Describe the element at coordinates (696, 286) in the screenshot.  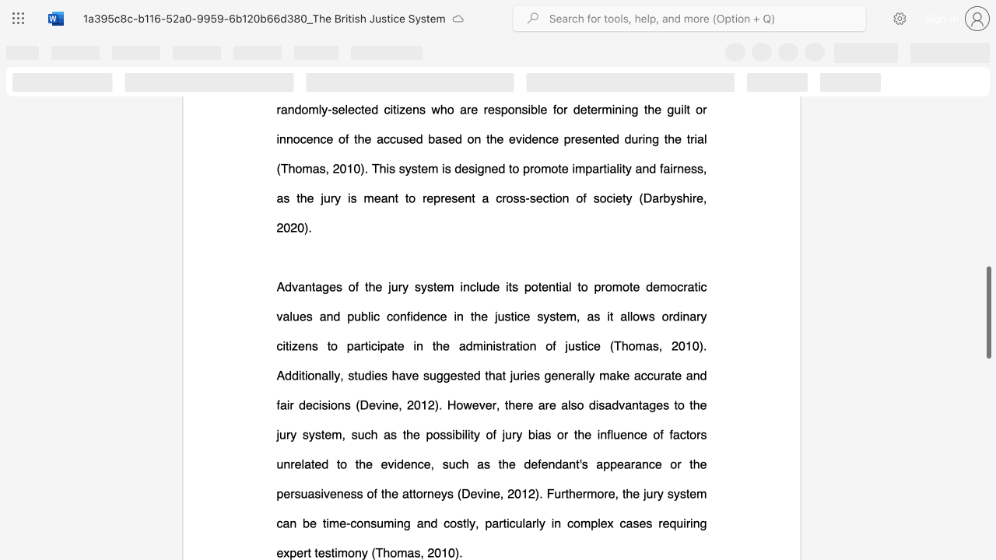
I see `the subset text "ic values and public confidence in the justice system, as it allows ordinary citizens to participate in the administration of justice (Thomas, 2010). Additionally, studies have suggested that juries generally mak" within the text "Advantages of the jury system include its potential to promote democratic values and public confidence in the justice system, as it allows ordinary citizens to participate in the administration of justice (Thomas, 2010). Additionally, studies have suggested that juries generally make accurate and fair decisions (Devine, 2012). However, there are also disadvantages to the jury system, such as the possibility of jury bias or the influence of factors unrelated to the evidence, such as the defendant"` at that location.